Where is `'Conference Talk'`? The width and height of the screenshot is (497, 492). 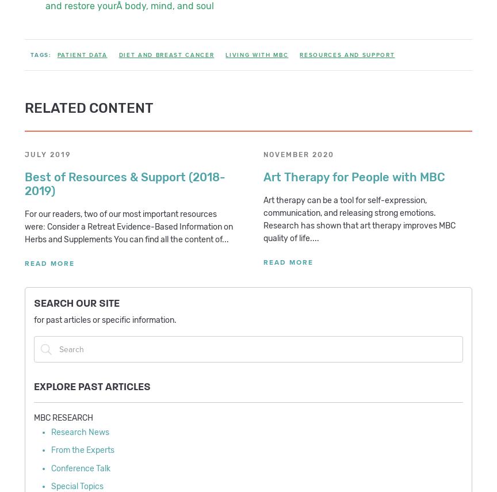
'Conference Talk' is located at coordinates (80, 468).